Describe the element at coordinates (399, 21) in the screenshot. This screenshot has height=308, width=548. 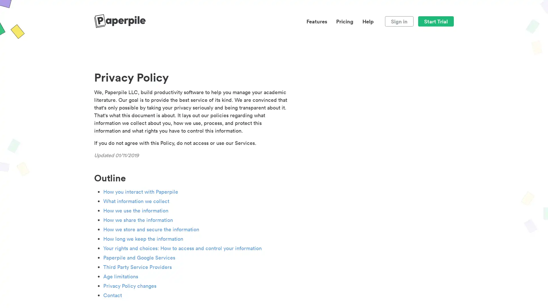
I see `Sign in` at that location.